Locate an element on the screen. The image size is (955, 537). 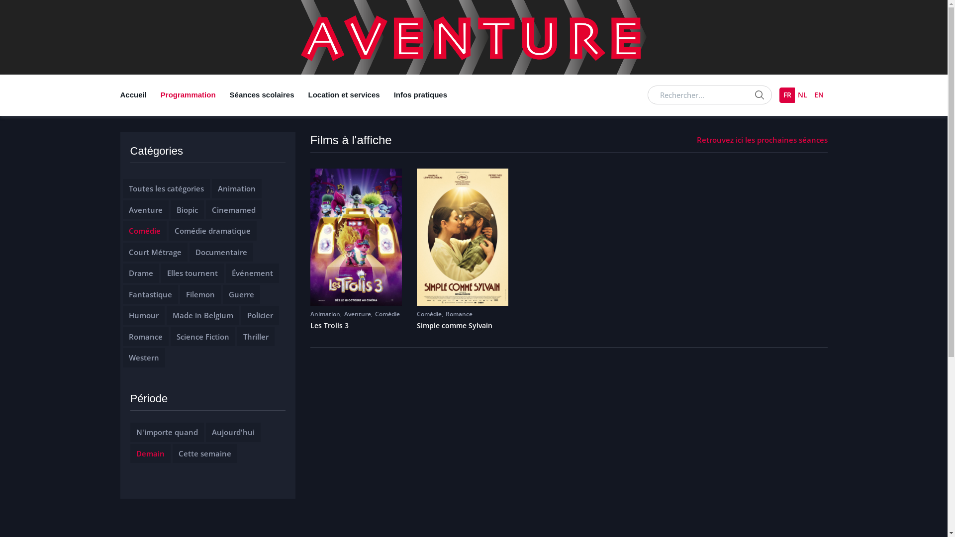
'Thriller' is located at coordinates (243, 336).